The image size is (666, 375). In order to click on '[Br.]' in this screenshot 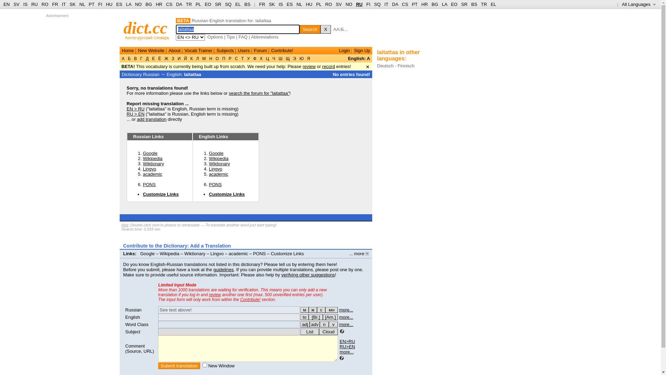, I will do `click(315, 317)`.